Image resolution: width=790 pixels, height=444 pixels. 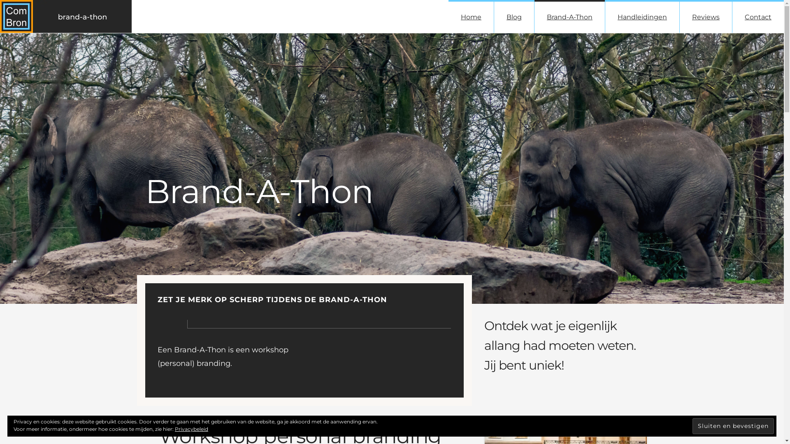 What do you see at coordinates (0, 0) in the screenshot?
I see `'Spring naar de hoofdnavigatie'` at bounding box center [0, 0].